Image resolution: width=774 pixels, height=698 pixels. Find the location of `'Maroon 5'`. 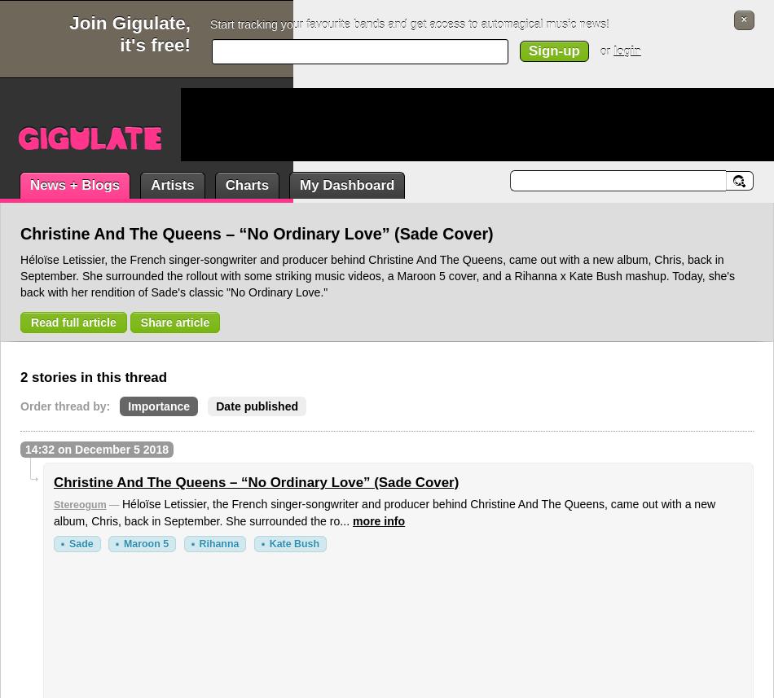

'Maroon 5' is located at coordinates (146, 542).